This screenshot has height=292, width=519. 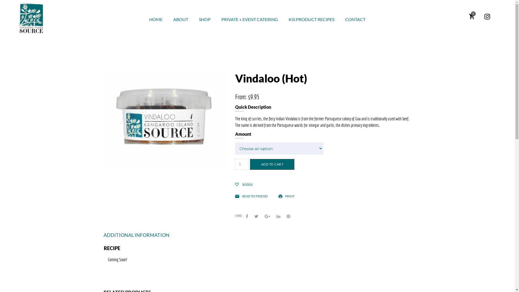 I want to click on 'ABOUT', so click(x=181, y=19).